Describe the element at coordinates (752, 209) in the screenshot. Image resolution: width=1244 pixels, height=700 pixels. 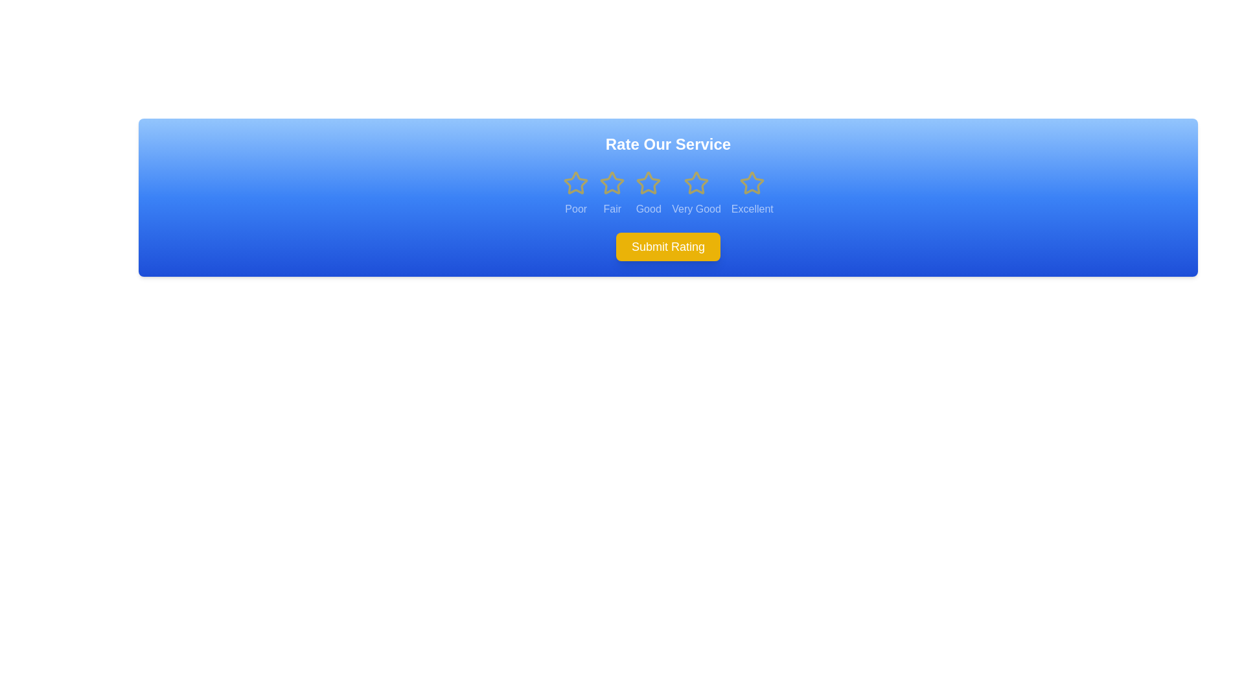
I see `the text label displaying 'Excellent', which is styled in white with medium font weight and positioned below the fifth star icon in the rating options` at that location.